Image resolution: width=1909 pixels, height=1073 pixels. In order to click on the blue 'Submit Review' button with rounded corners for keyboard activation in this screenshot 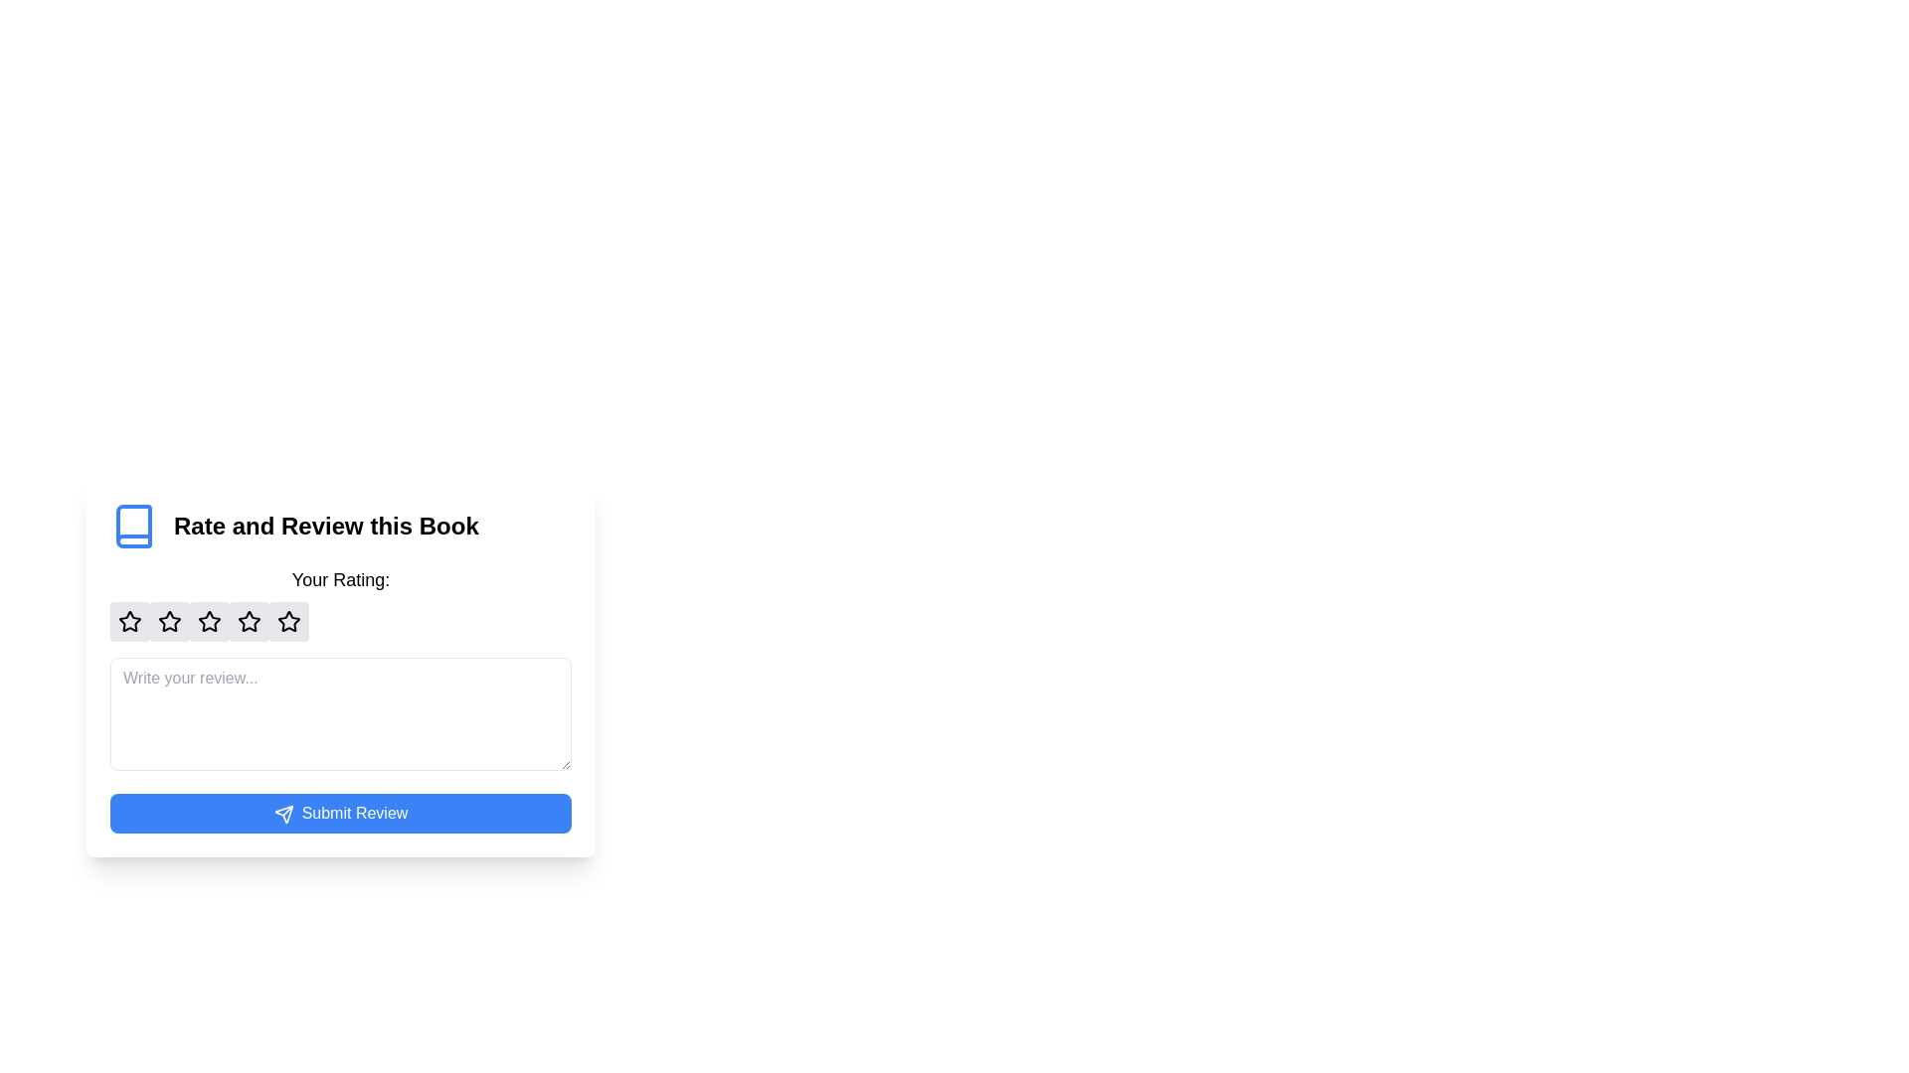, I will do `click(340, 813)`.